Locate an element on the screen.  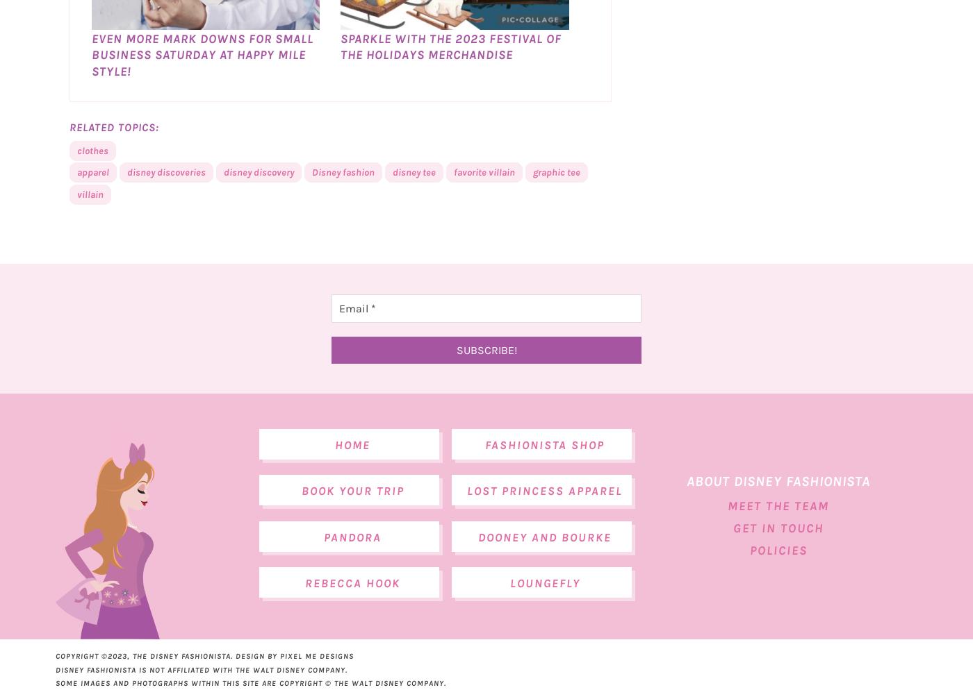
'Rebecca Hook' is located at coordinates (352, 614).